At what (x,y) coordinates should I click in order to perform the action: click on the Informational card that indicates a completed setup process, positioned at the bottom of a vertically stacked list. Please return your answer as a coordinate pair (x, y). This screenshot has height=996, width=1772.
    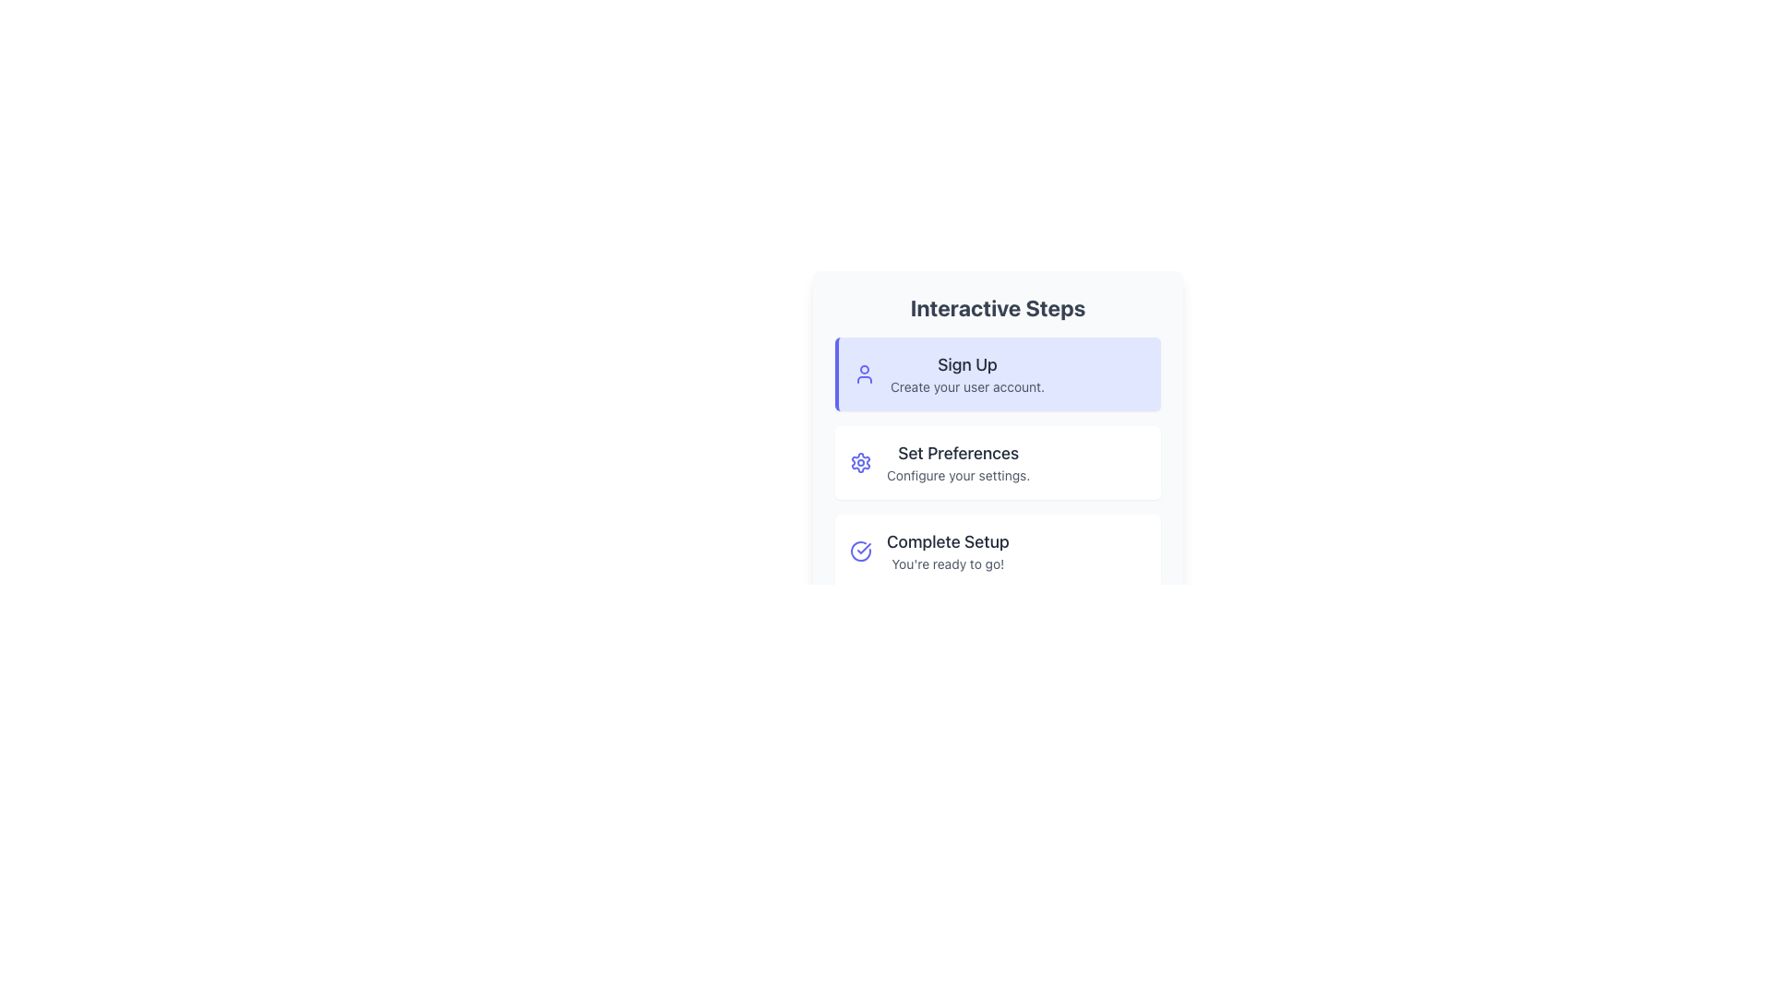
    Looking at the image, I should click on (997, 550).